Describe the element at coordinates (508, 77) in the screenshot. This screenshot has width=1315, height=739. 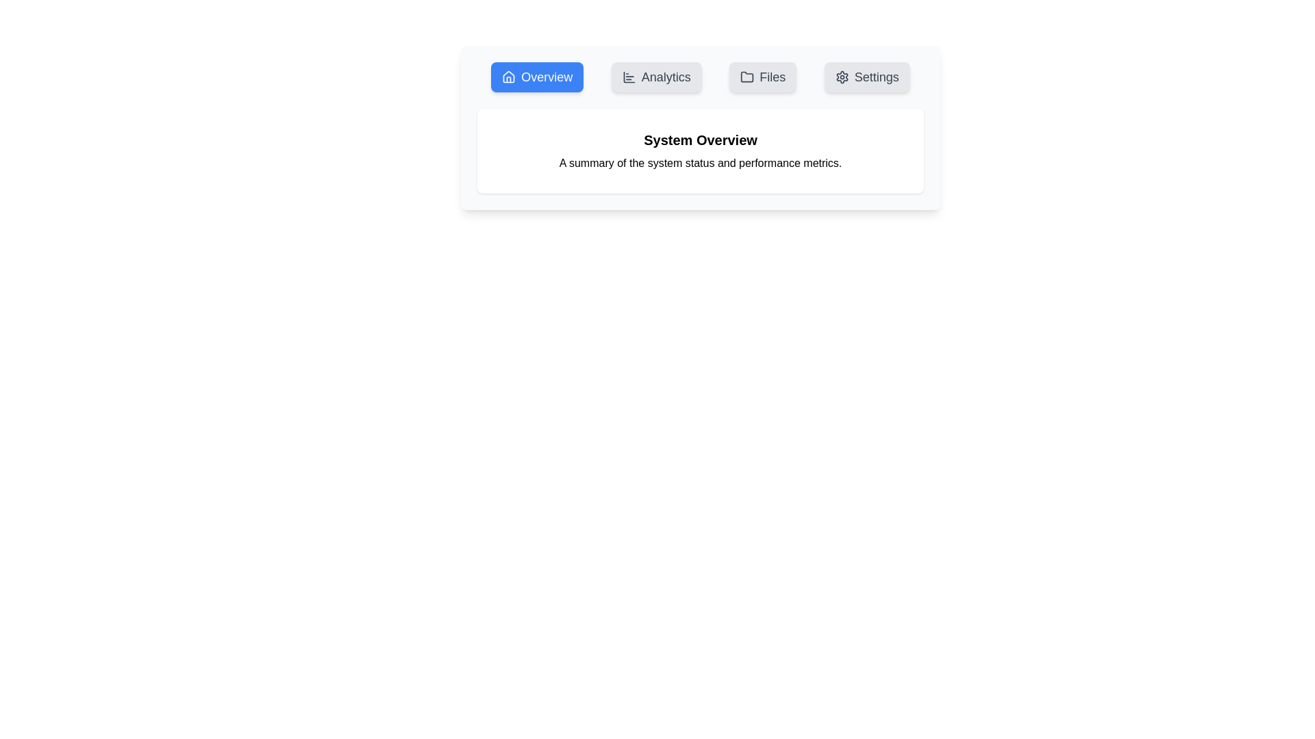
I see `the house icon contained within the blue 'Overview' button in the navigation bar` at that location.